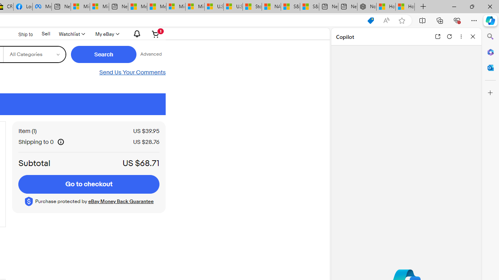  What do you see at coordinates (71, 33) in the screenshot?
I see `'WatchlistExpand Watch List'` at bounding box center [71, 33].